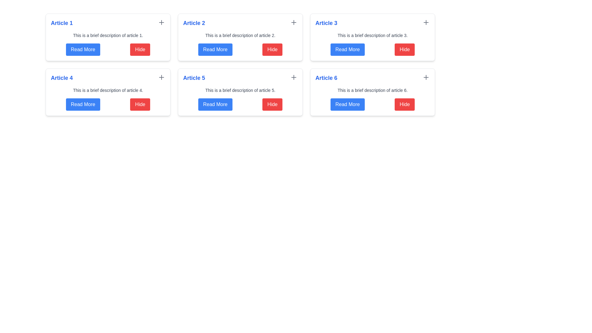 The image size is (592, 333). Describe the element at coordinates (240, 104) in the screenshot. I see `the 'Read More' button located within the 'Article 5' card, which is a blue button positioned on the left side of the composite element containing interactive buttons` at that location.